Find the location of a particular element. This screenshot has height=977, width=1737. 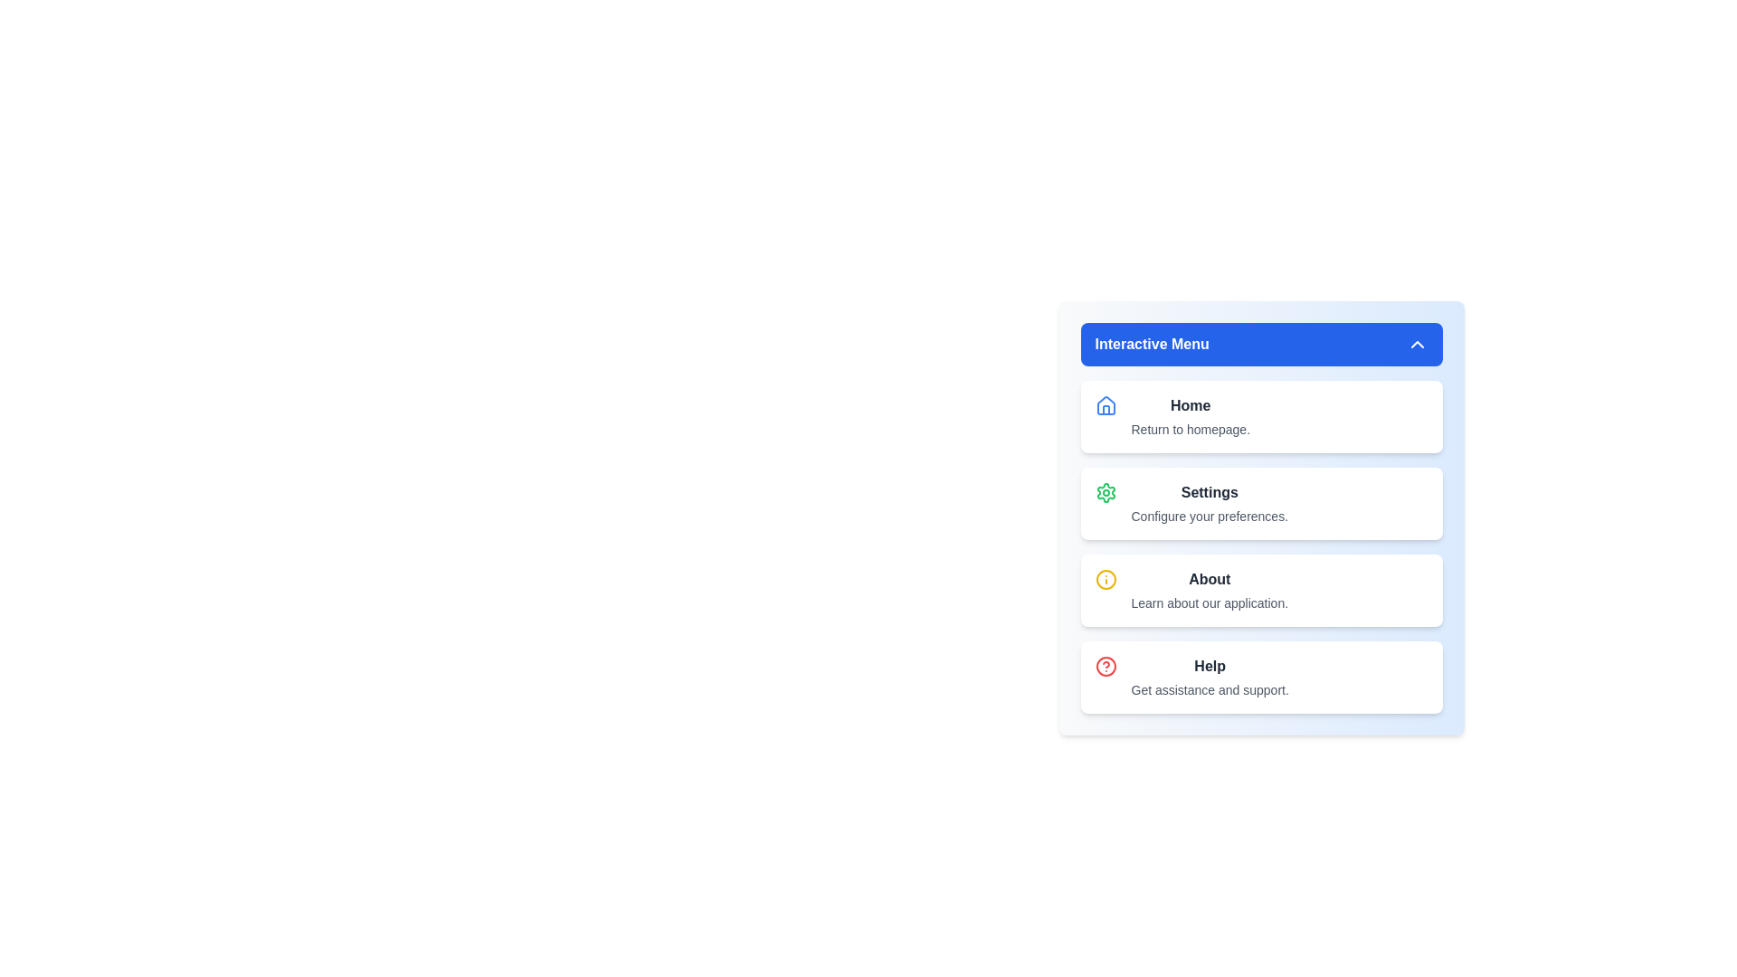

the small circular icon with a yellow border that resembles an information symbol, located in the 'About' section of the interactive menu is located at coordinates (1105, 579).